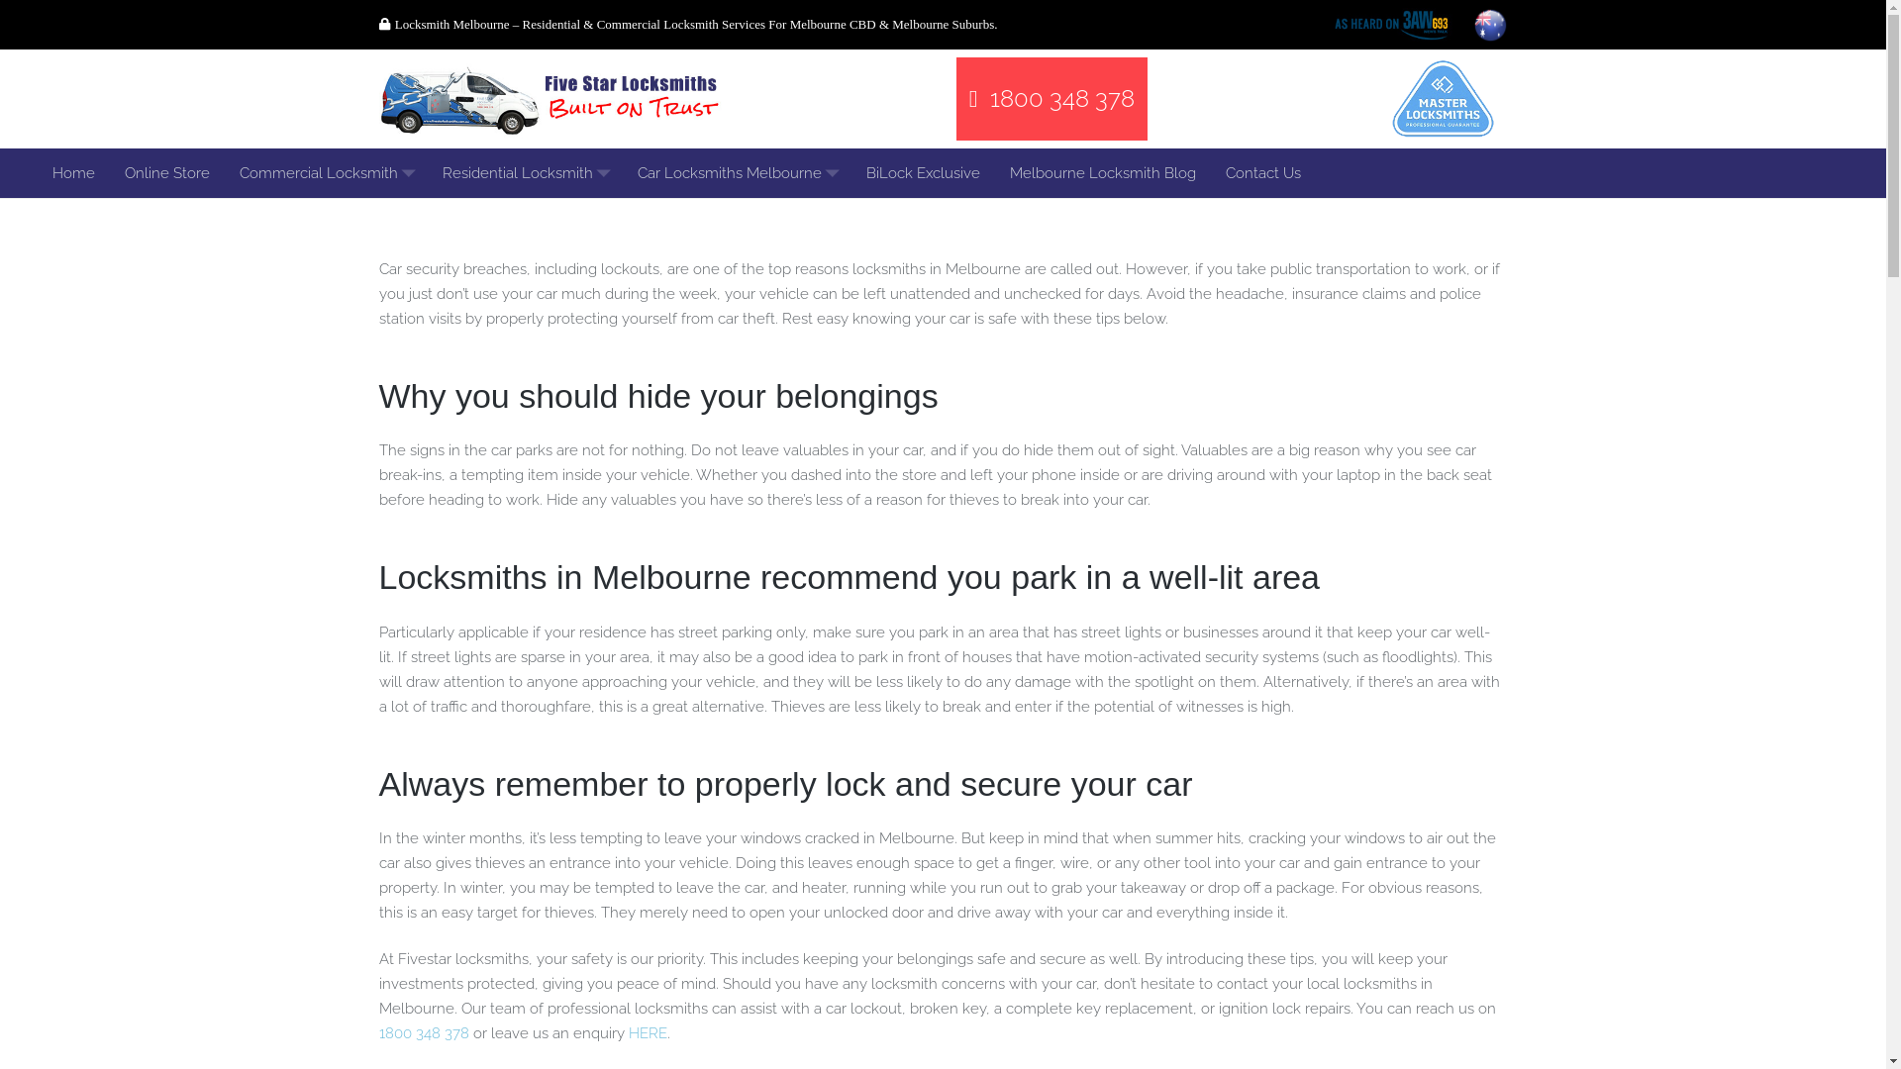 Image resolution: width=1901 pixels, height=1069 pixels. Describe the element at coordinates (73, 171) in the screenshot. I see `'Home'` at that location.